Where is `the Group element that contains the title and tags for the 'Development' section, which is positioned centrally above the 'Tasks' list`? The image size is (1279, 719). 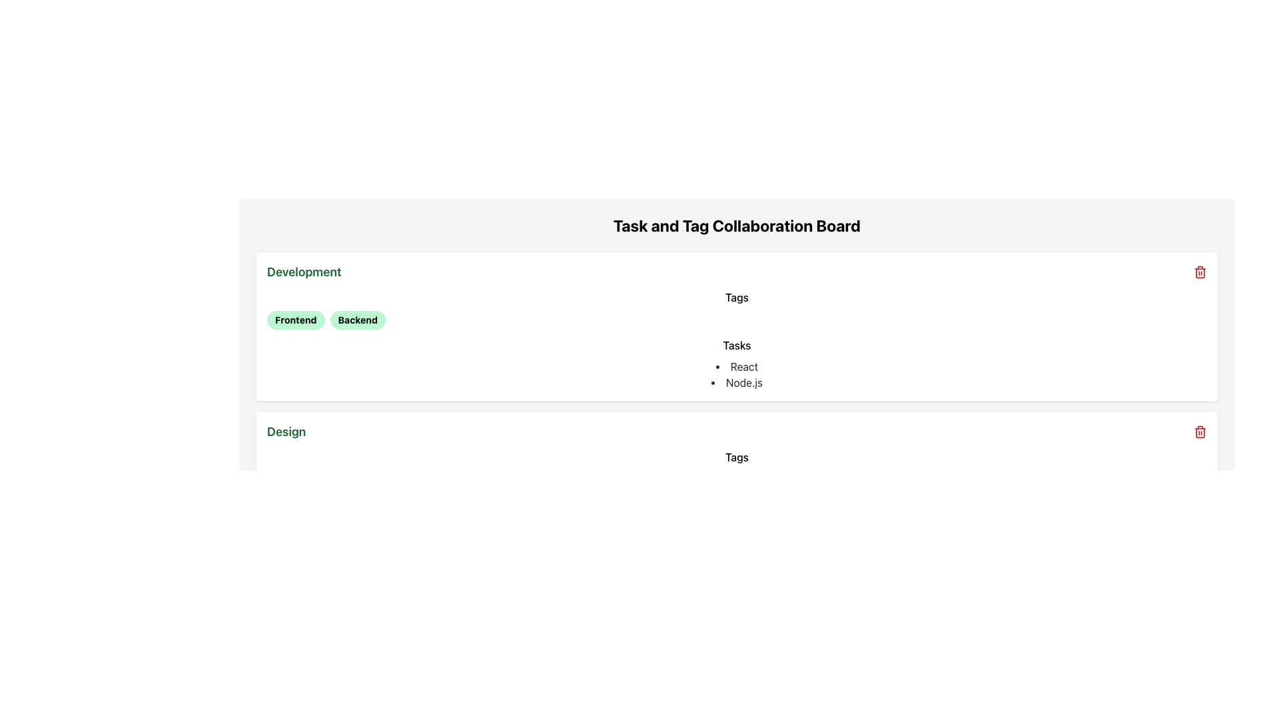
the Group element that contains the title and tags for the 'Development' section, which is positioned centrally above the 'Tasks' list is located at coordinates (736, 310).